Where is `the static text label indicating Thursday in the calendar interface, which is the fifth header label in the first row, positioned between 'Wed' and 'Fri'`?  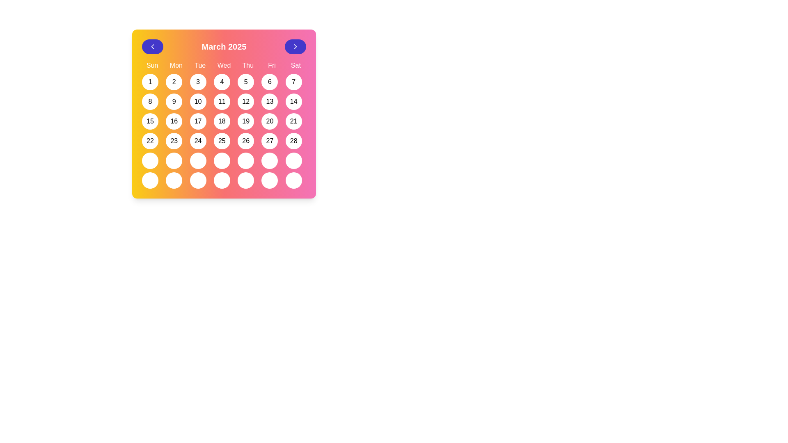 the static text label indicating Thursday in the calendar interface, which is the fifth header label in the first row, positioned between 'Wed' and 'Fri' is located at coordinates (247, 65).